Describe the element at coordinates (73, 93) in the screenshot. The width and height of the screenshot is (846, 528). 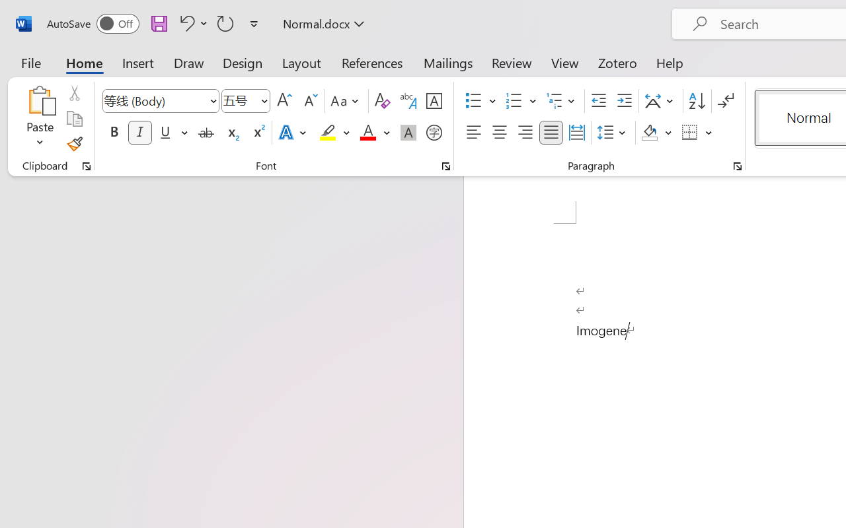
I see `'Cut'` at that location.